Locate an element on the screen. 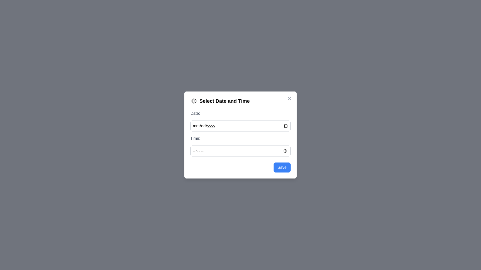 The image size is (481, 270). the time input field to activate it is located at coordinates (241, 151).